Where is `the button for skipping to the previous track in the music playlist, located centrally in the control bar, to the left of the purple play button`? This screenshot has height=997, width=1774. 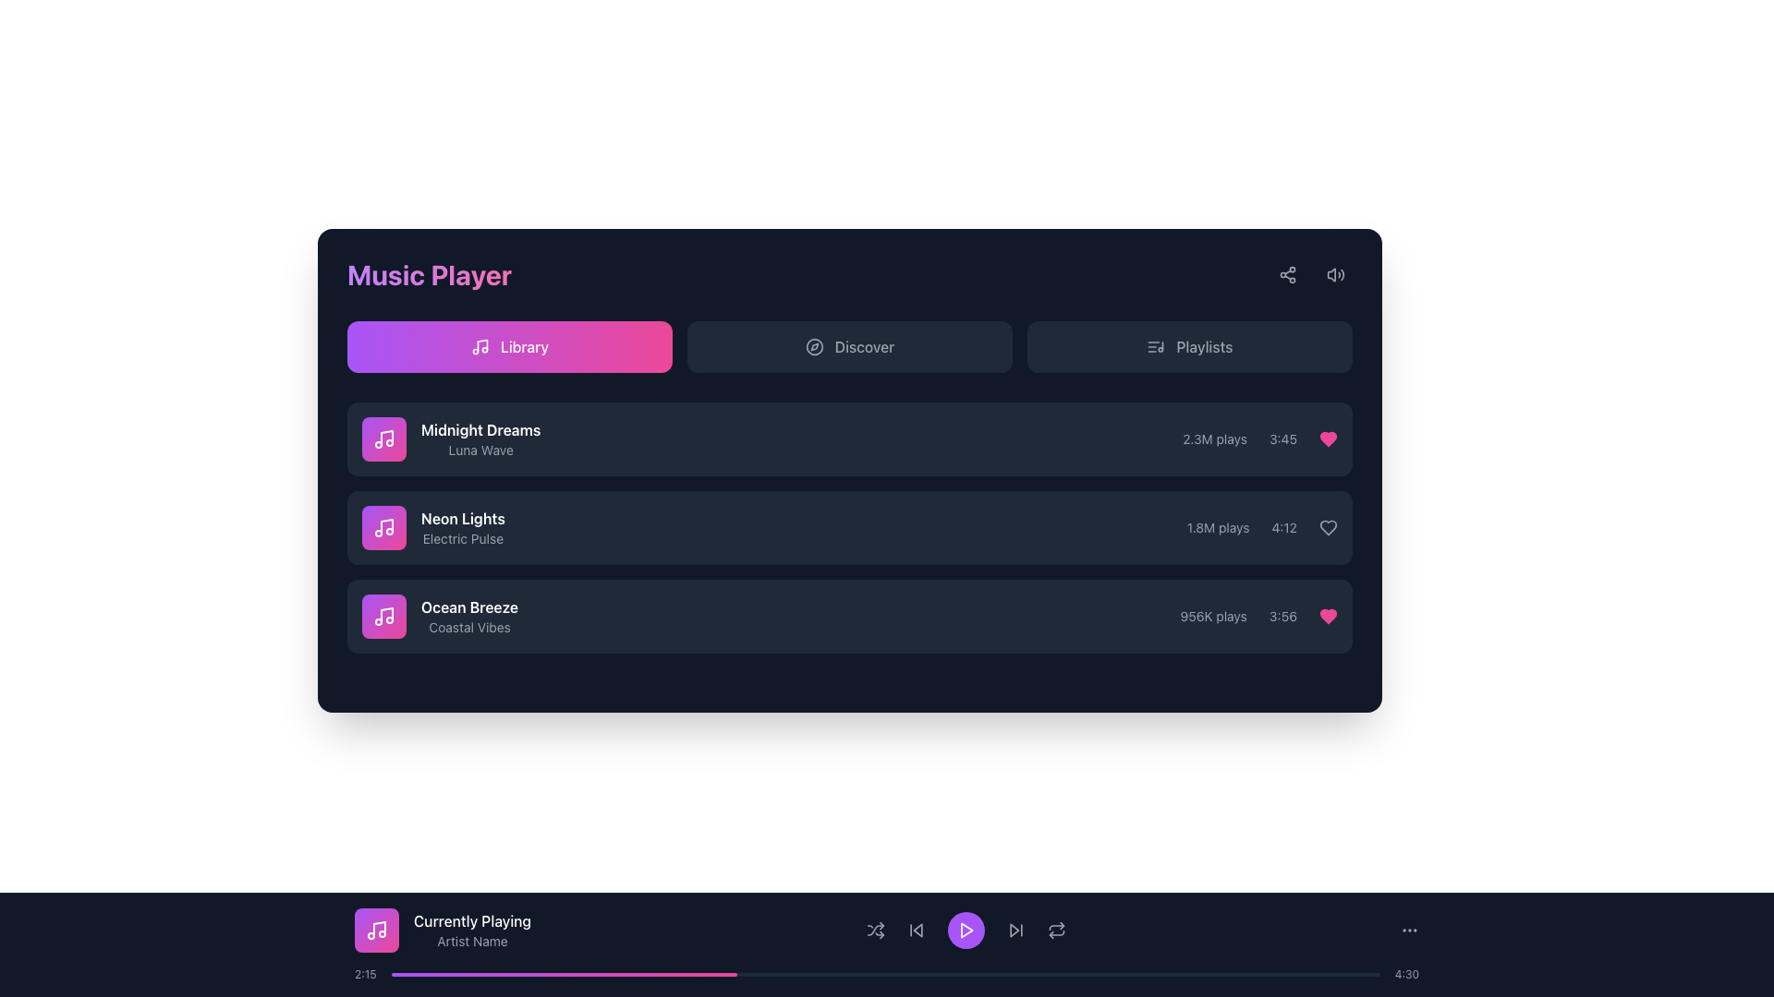 the button for skipping to the previous track in the music playlist, located centrally in the control bar, to the left of the purple play button is located at coordinates (916, 930).